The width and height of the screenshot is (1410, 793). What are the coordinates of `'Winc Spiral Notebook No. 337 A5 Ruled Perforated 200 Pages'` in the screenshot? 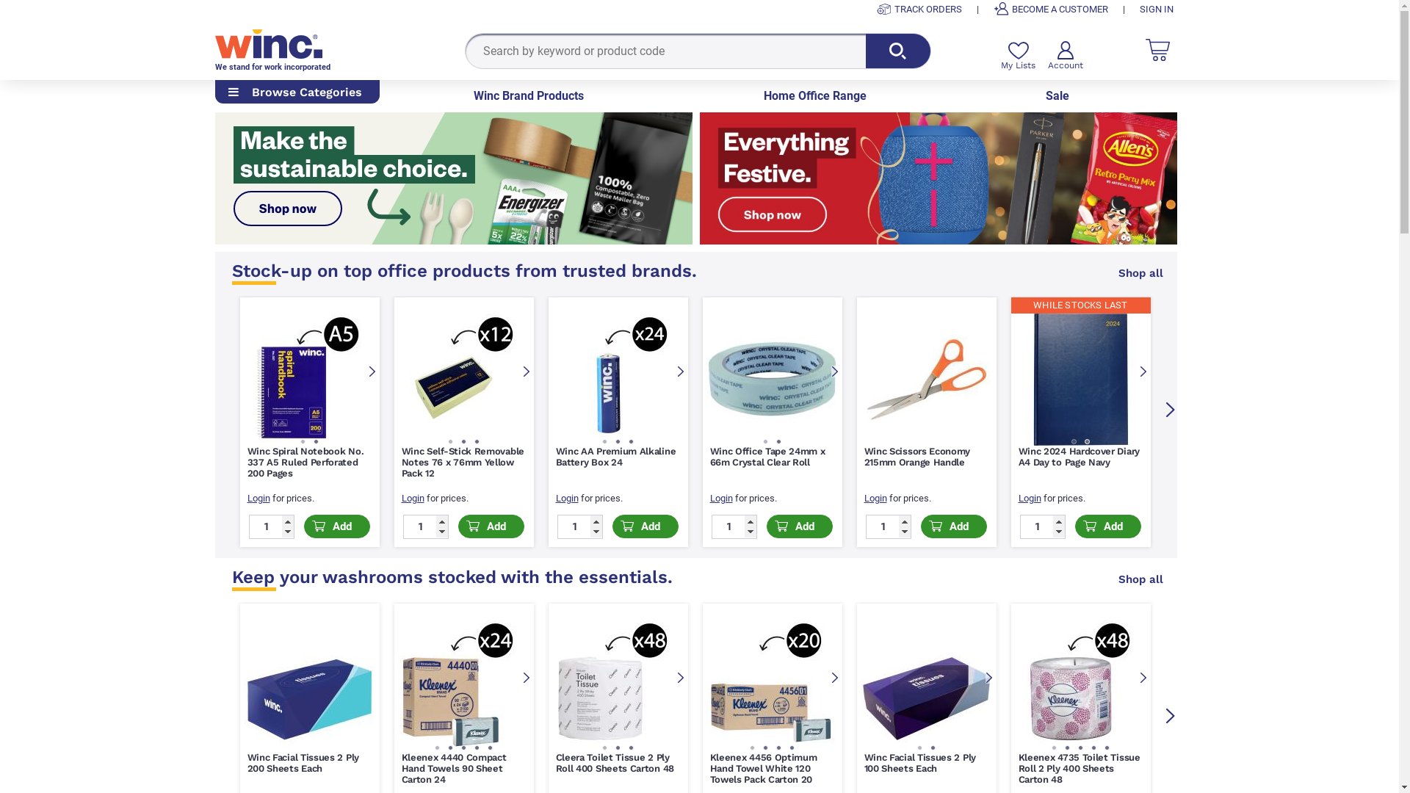 It's located at (304, 461).